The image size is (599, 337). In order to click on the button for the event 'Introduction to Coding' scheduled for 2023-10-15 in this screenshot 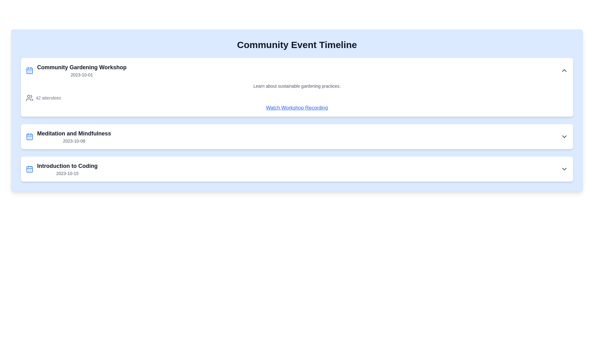, I will do `click(296, 169)`.